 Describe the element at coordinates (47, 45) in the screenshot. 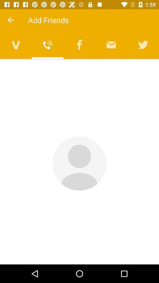

I see `initiates phone call` at that location.